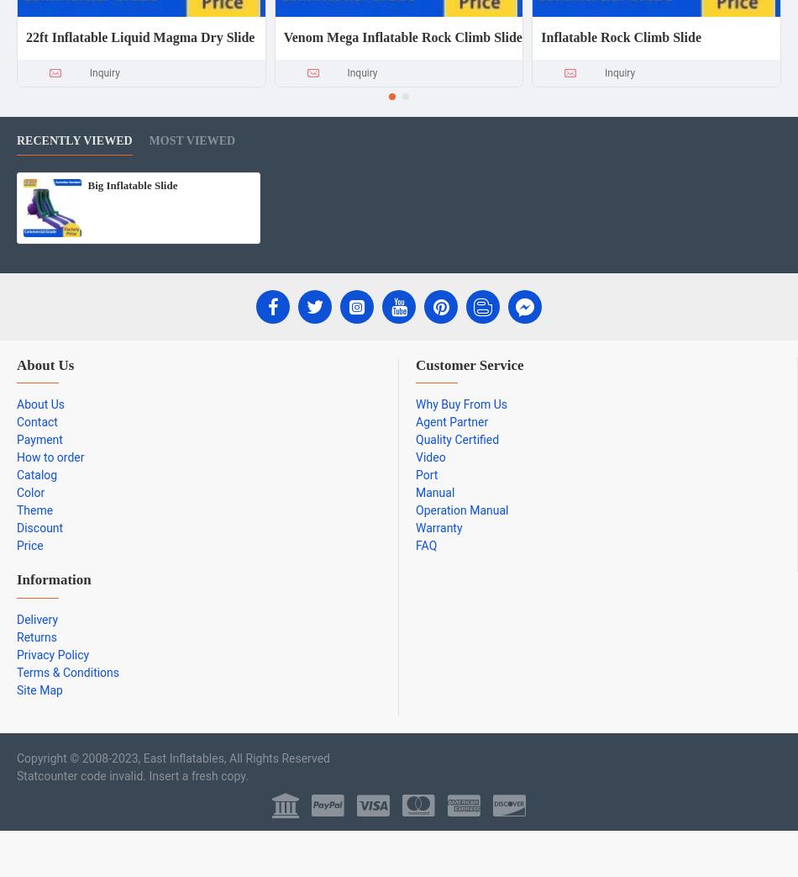  Describe the element at coordinates (39, 689) in the screenshot. I see `'Site Map'` at that location.